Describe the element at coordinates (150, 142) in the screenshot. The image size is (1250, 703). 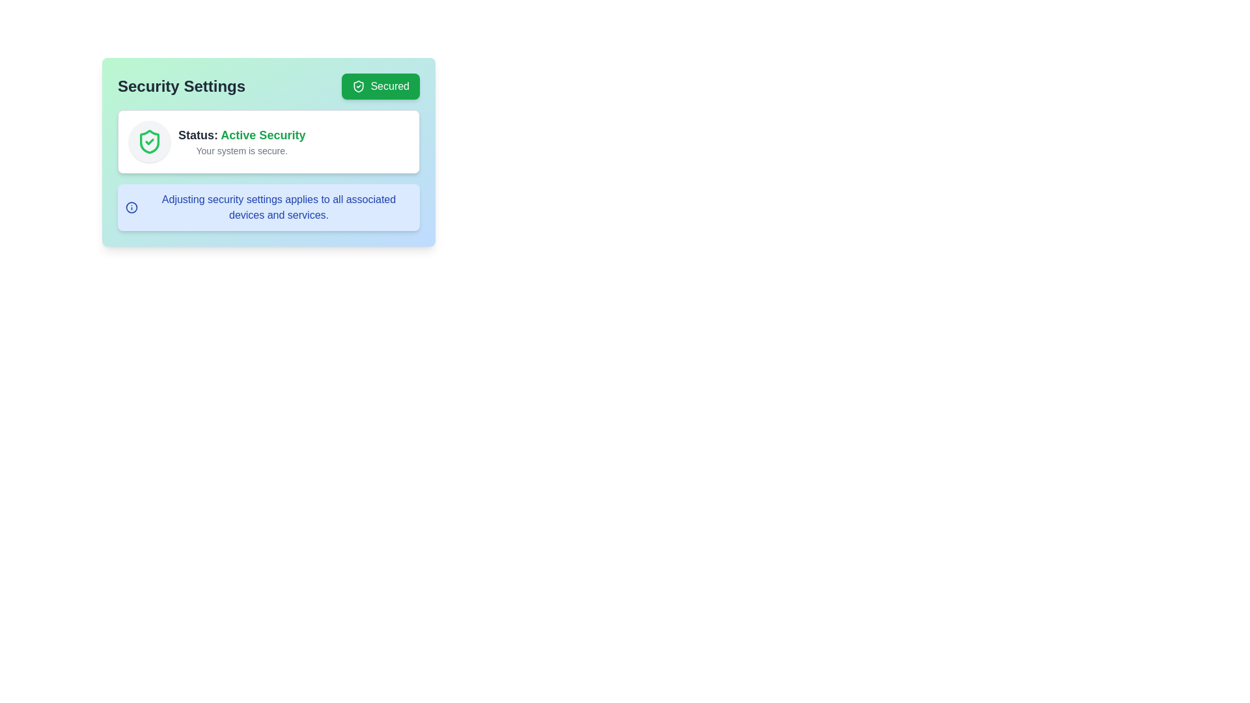
I see `the security status icon located inside a white rectangular box with rounded corners, which is positioned to the left of the text 'Status: Active Security'` at that location.